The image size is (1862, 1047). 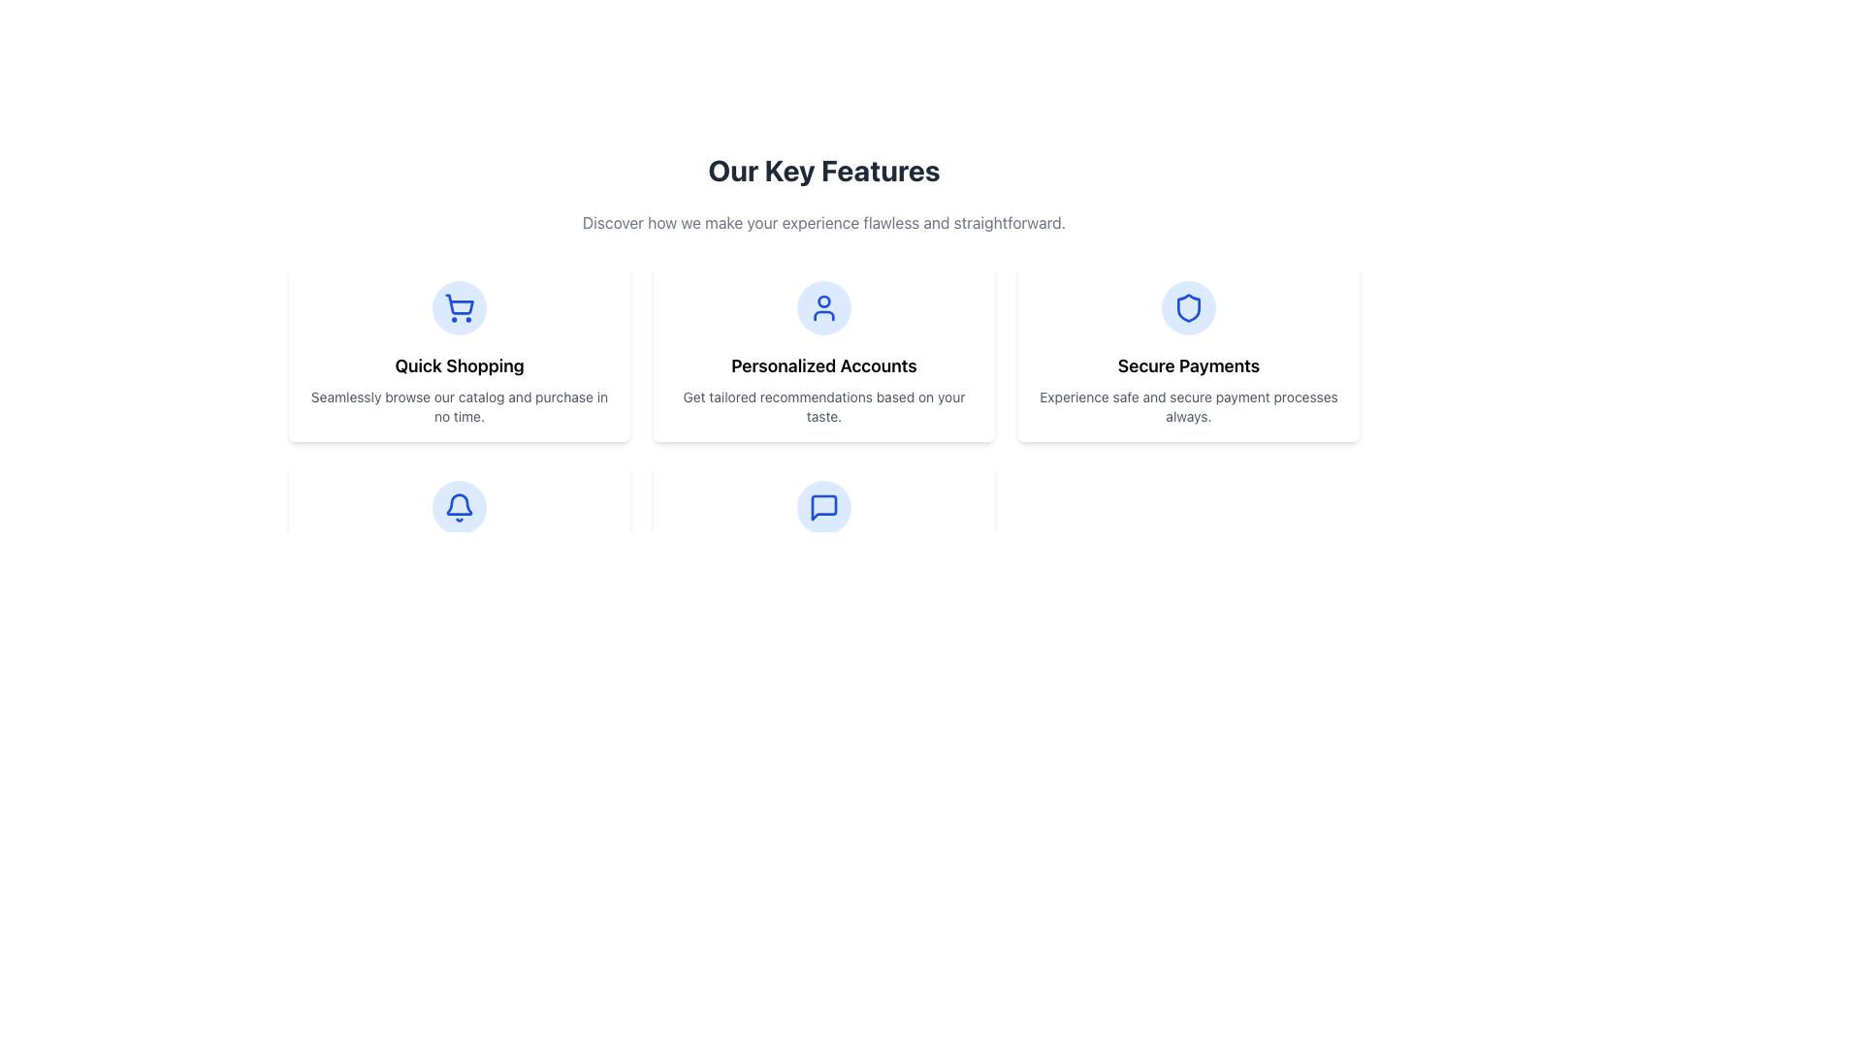 I want to click on the SVG graphic element resembling a shield icon located in the third feature card titled 'Secure Payments' at the rightmost position of the top row, so click(x=1187, y=306).